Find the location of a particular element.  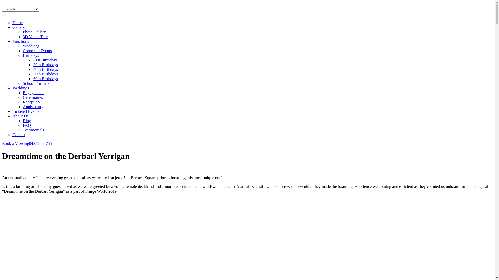

'Corporate Events' is located at coordinates (37, 51).